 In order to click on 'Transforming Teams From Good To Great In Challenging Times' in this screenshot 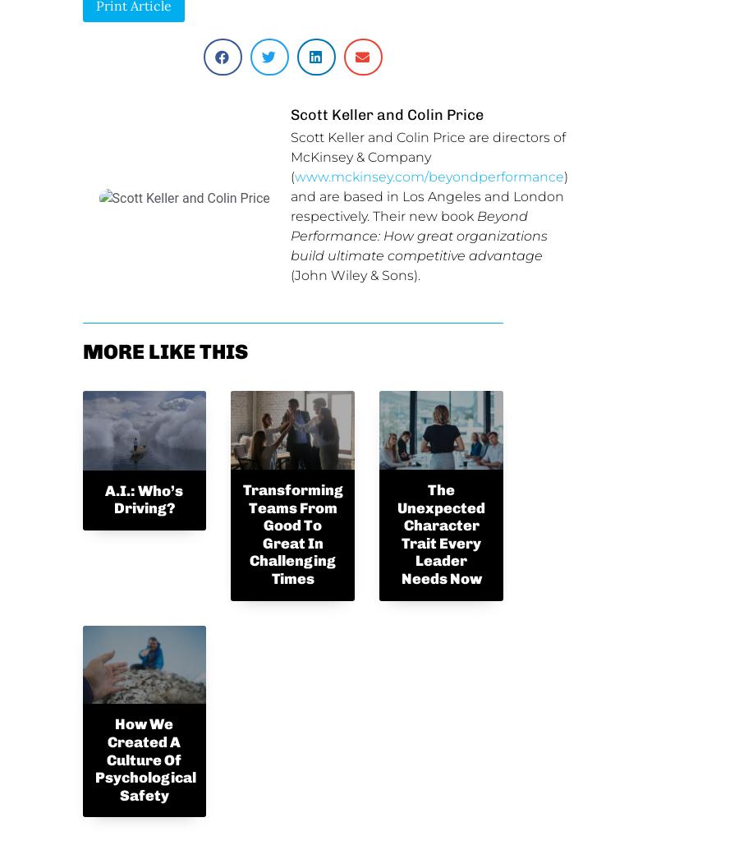, I will do `click(293, 535)`.